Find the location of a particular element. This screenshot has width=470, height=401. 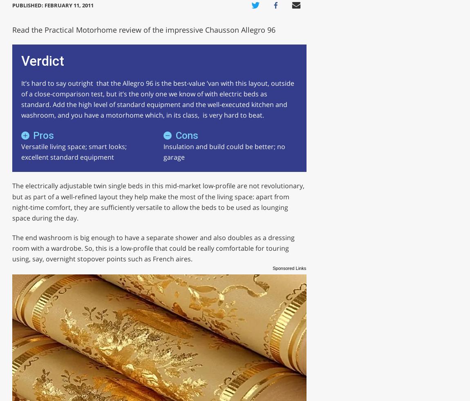

'Versatile living space; smart looks; excellent standard equipment' is located at coordinates (73, 151).